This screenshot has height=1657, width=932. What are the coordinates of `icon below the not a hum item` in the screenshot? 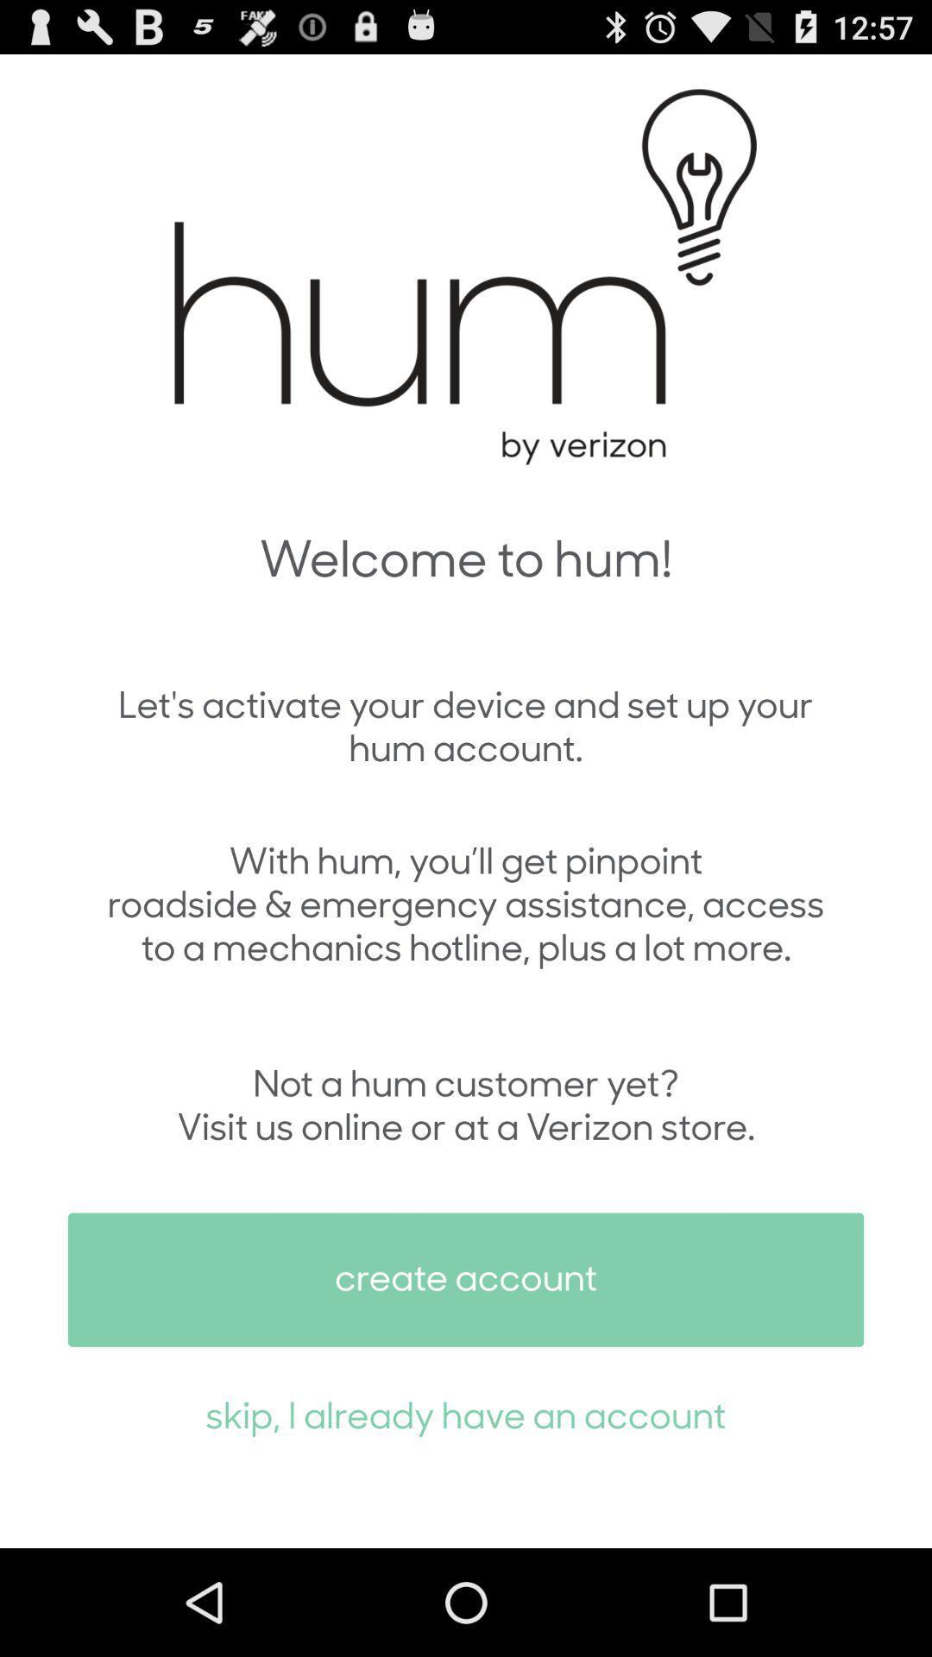 It's located at (466, 1280).